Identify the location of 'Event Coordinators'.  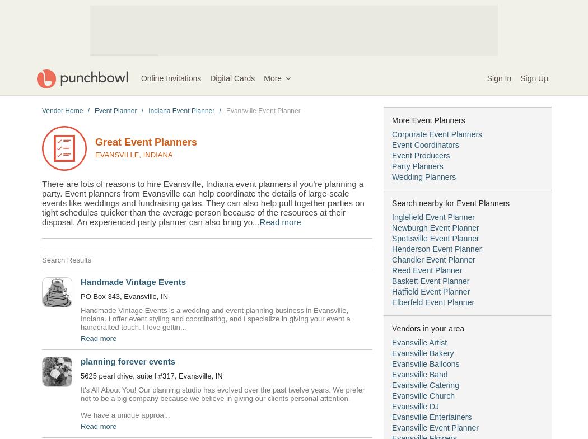
(425, 145).